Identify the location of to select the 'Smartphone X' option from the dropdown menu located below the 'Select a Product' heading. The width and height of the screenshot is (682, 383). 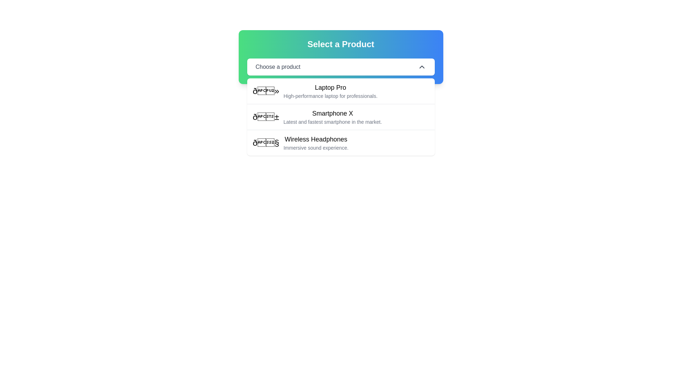
(340, 117).